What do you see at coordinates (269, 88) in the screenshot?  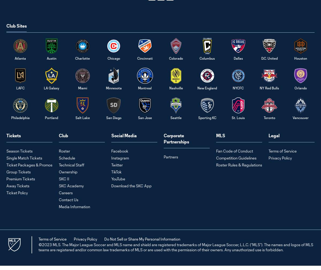 I see `'NY Red Bulls'` at bounding box center [269, 88].